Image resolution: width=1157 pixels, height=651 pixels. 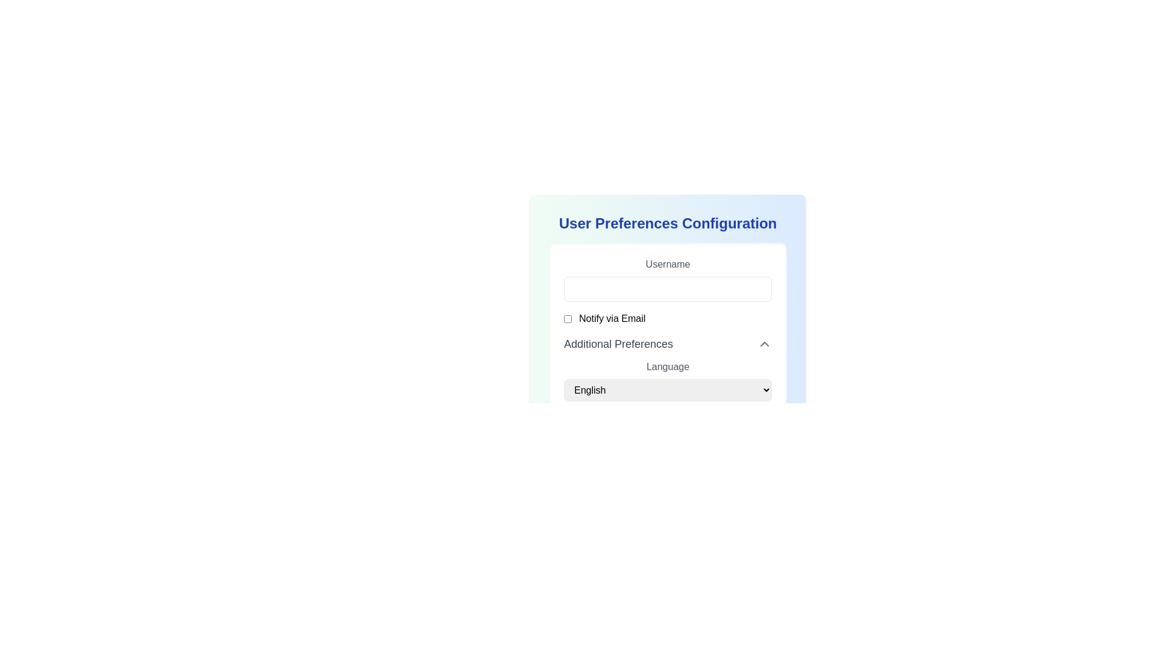 I want to click on the 'Additional Preferences' text label, which is a gray font label positioned below the 'Notify via Email' checkbox label, so click(x=618, y=344).